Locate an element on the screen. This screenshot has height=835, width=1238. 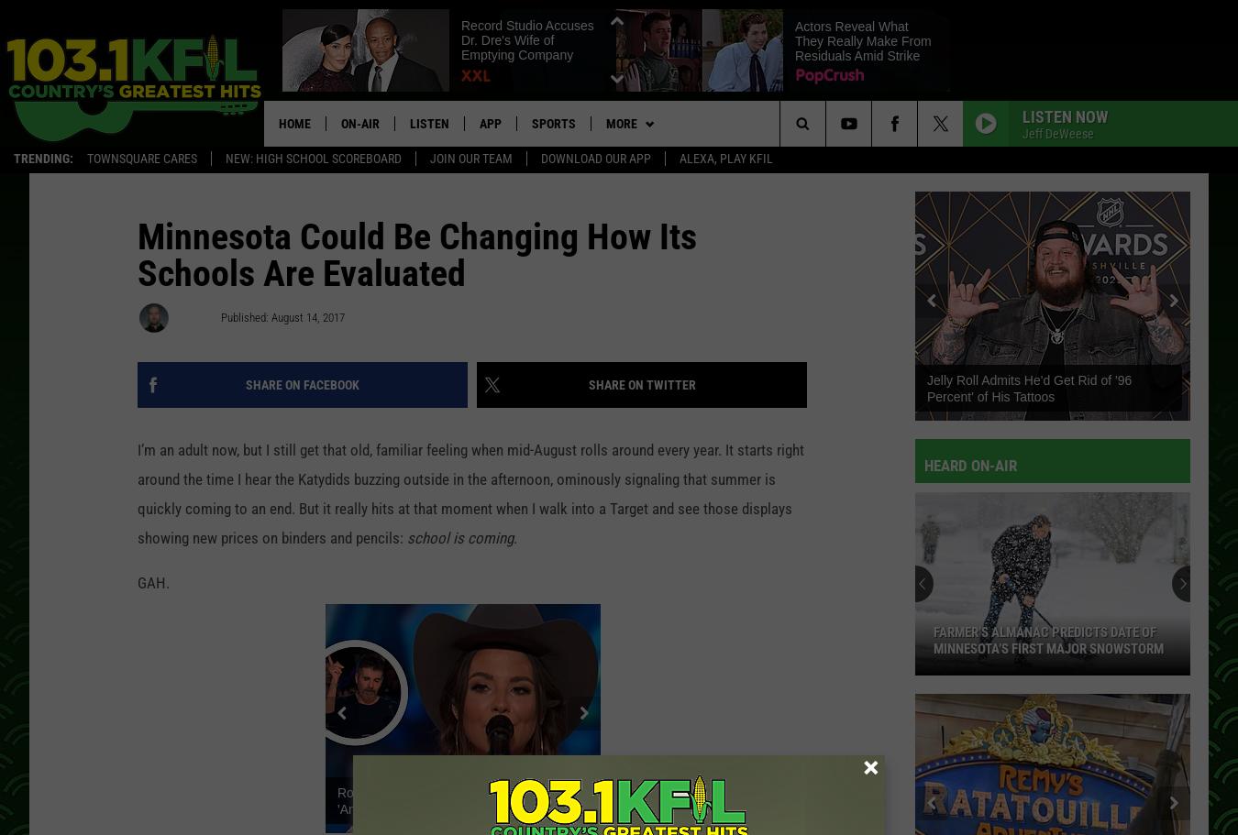
'Minnesota Could Be Changing How Its Schools Are Evaluated' is located at coordinates (415, 258).